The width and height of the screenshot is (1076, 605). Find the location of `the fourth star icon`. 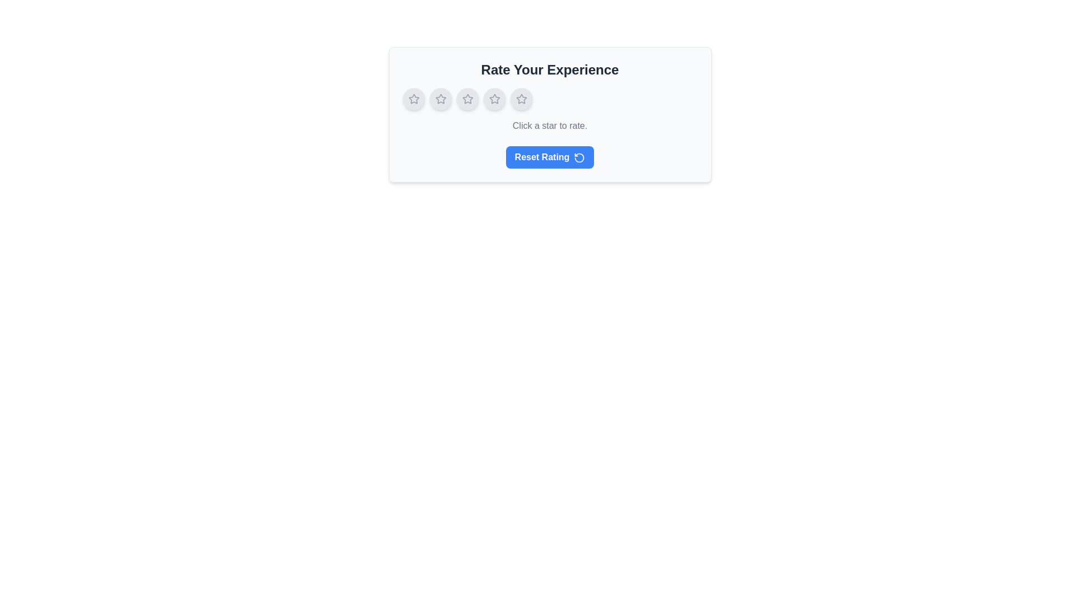

the fourth star icon is located at coordinates (521, 98).